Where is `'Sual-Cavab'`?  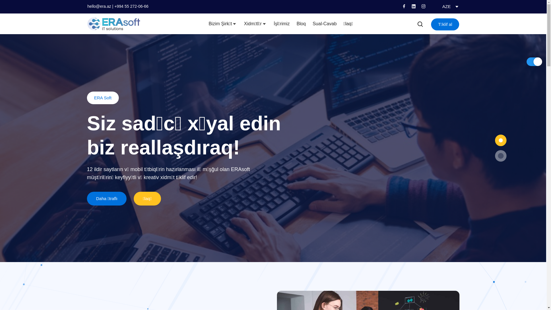
'Sual-Cavab' is located at coordinates (325, 24).